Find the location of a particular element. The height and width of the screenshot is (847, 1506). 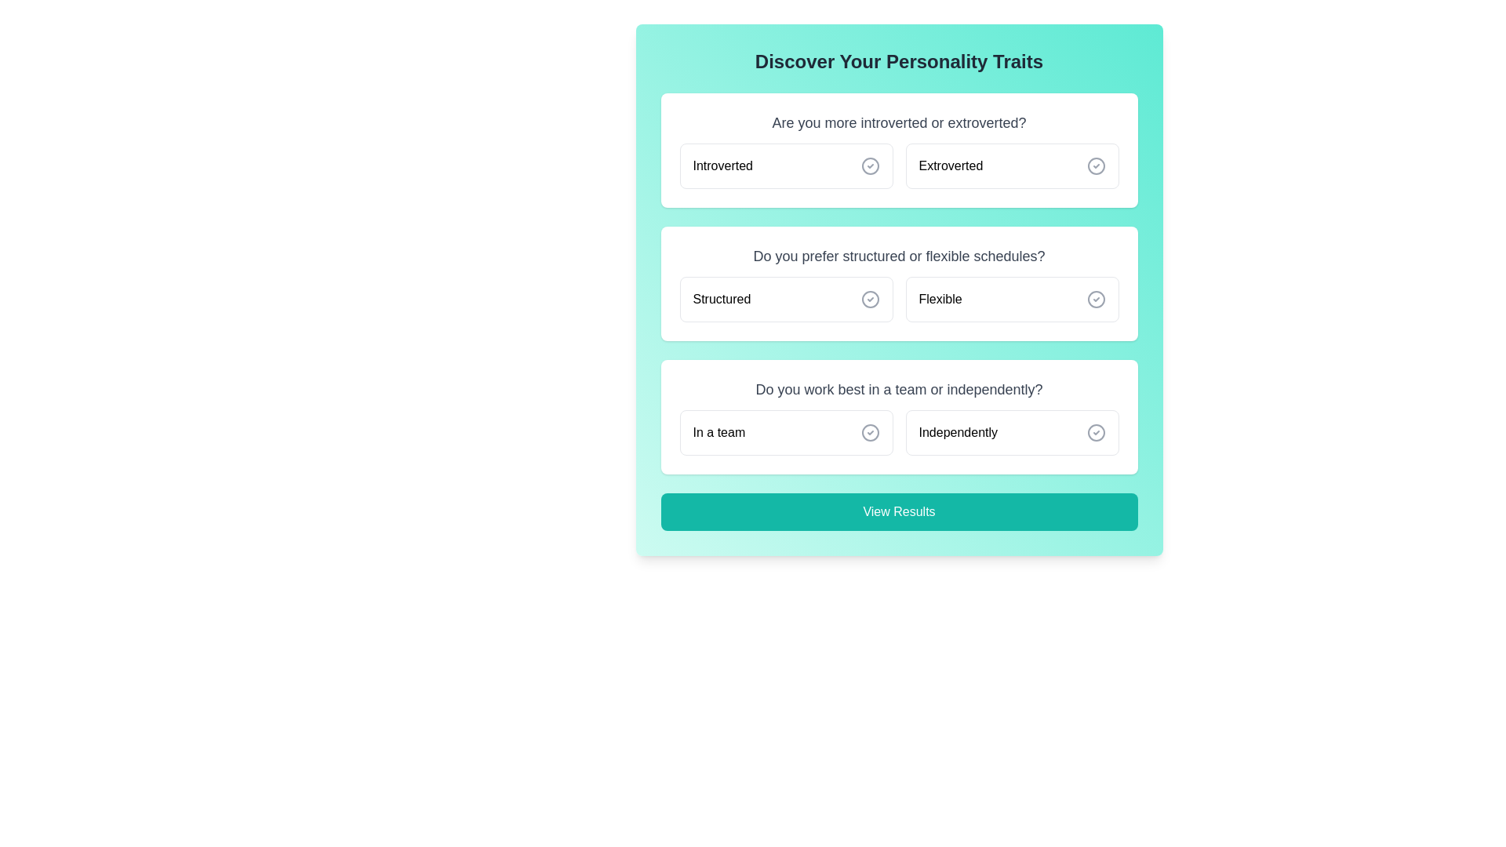

the 'Introverted' text label representing an answer choice for the first question in the personality traits questionnaire located under the heading 'Are you more introverted or extroverted?' is located at coordinates (722, 166).